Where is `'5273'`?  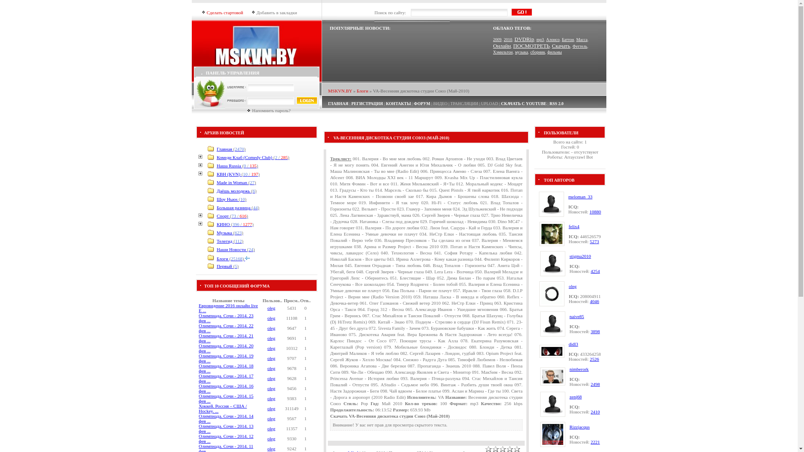
'5273' is located at coordinates (594, 241).